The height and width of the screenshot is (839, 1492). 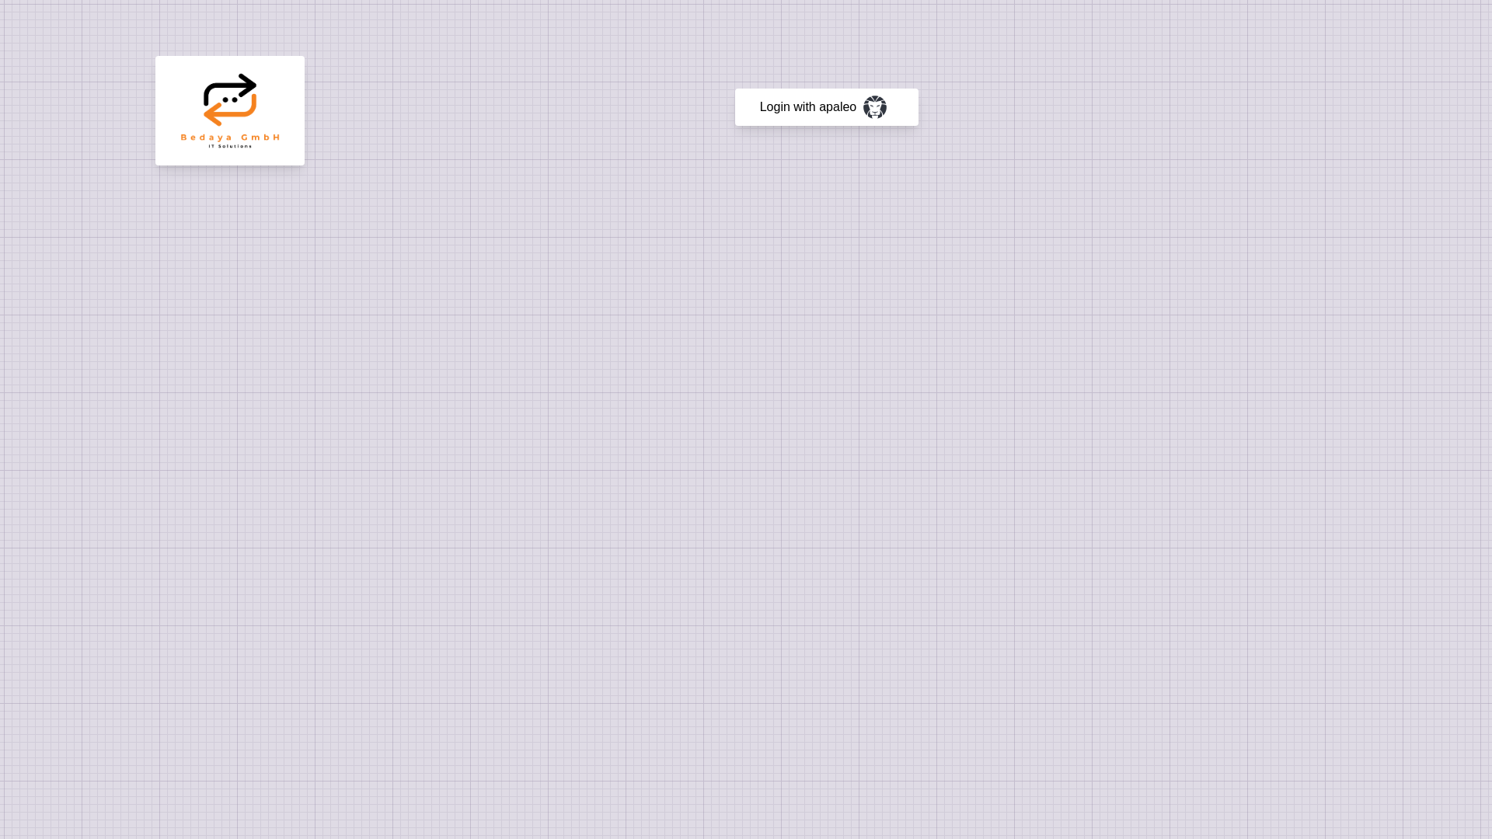 What do you see at coordinates (826, 106) in the screenshot?
I see `'Login with apaleo'` at bounding box center [826, 106].